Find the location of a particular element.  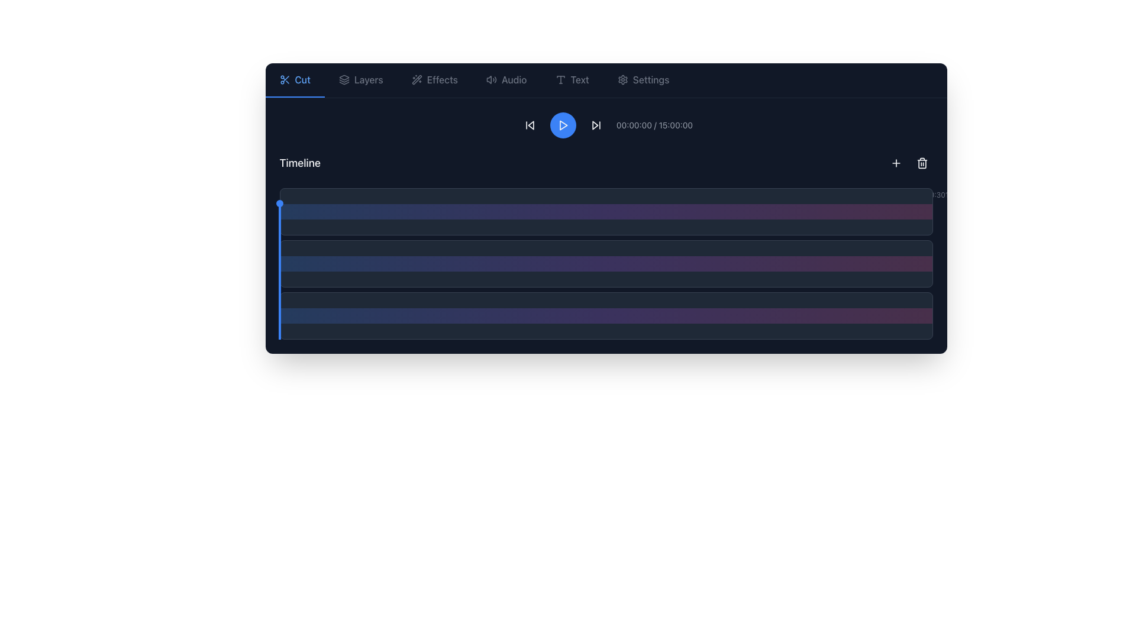

the 'Cut' button, which is styled in blue and features a scissor icon is located at coordinates (295, 80).